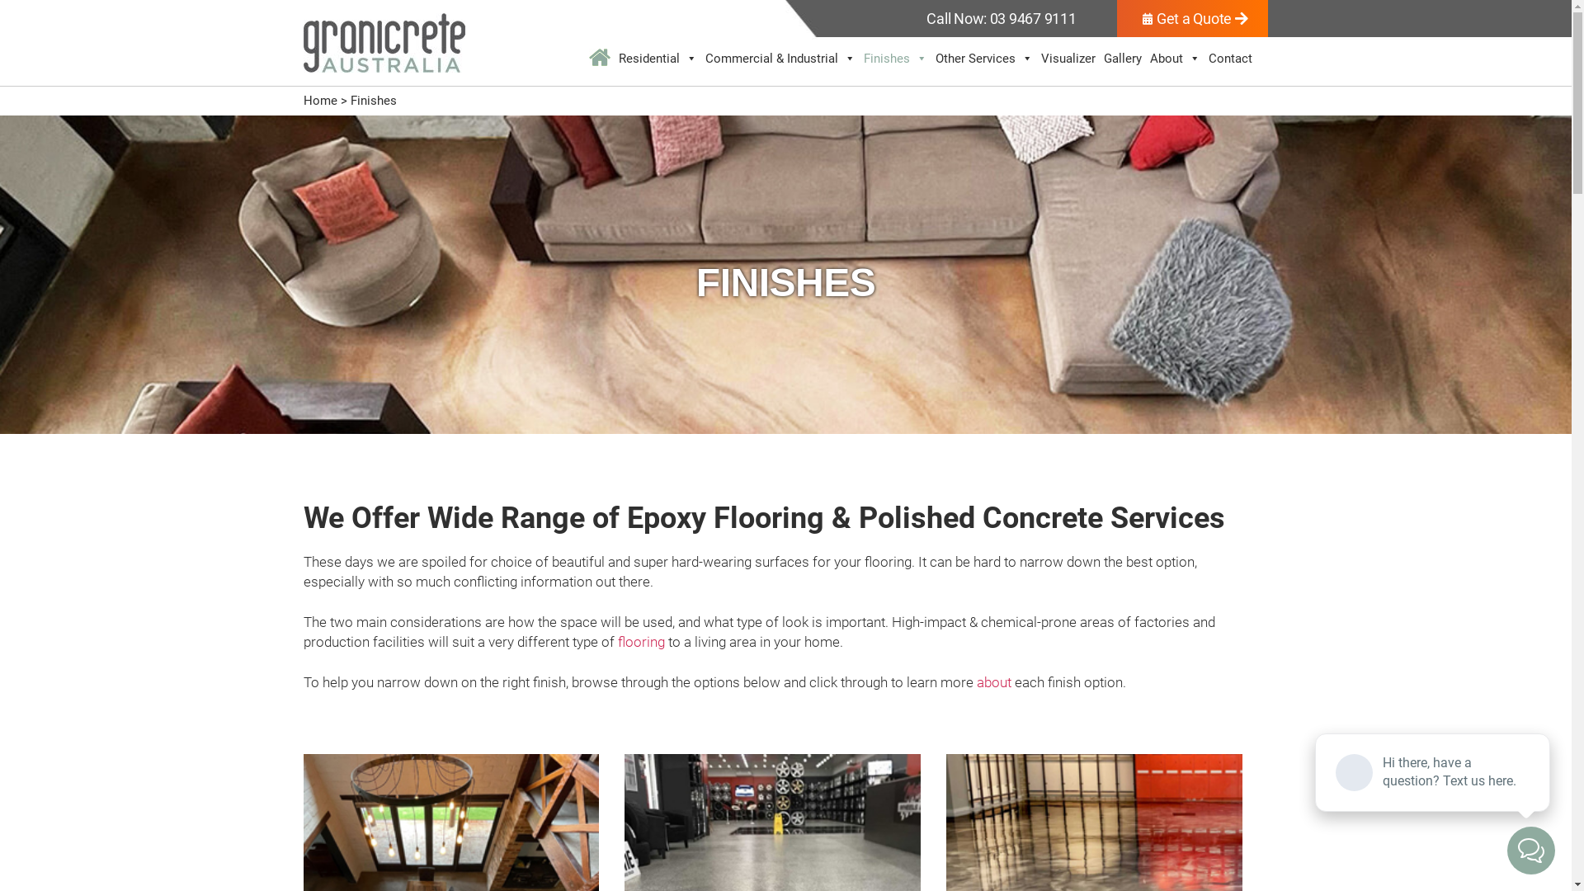 Image resolution: width=1584 pixels, height=891 pixels. Describe the element at coordinates (639, 641) in the screenshot. I see `'flooring'` at that location.